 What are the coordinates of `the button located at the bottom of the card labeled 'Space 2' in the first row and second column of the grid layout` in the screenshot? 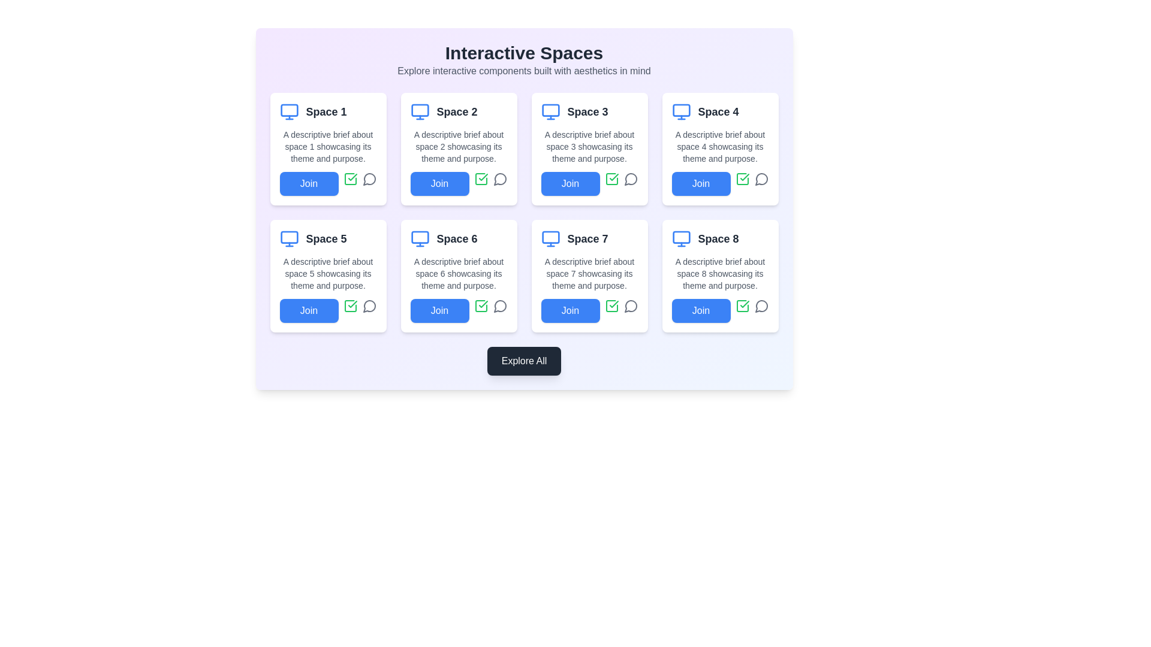 It's located at (458, 184).